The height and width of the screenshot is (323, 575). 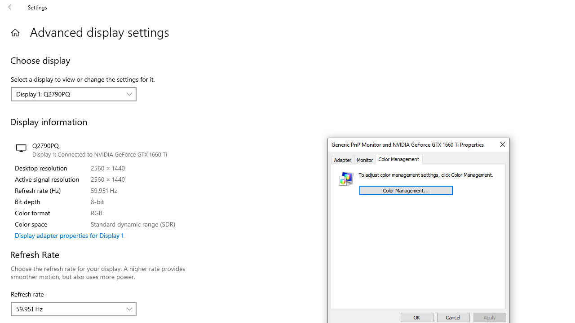 What do you see at coordinates (365, 159) in the screenshot?
I see `'Monitor'` at bounding box center [365, 159].